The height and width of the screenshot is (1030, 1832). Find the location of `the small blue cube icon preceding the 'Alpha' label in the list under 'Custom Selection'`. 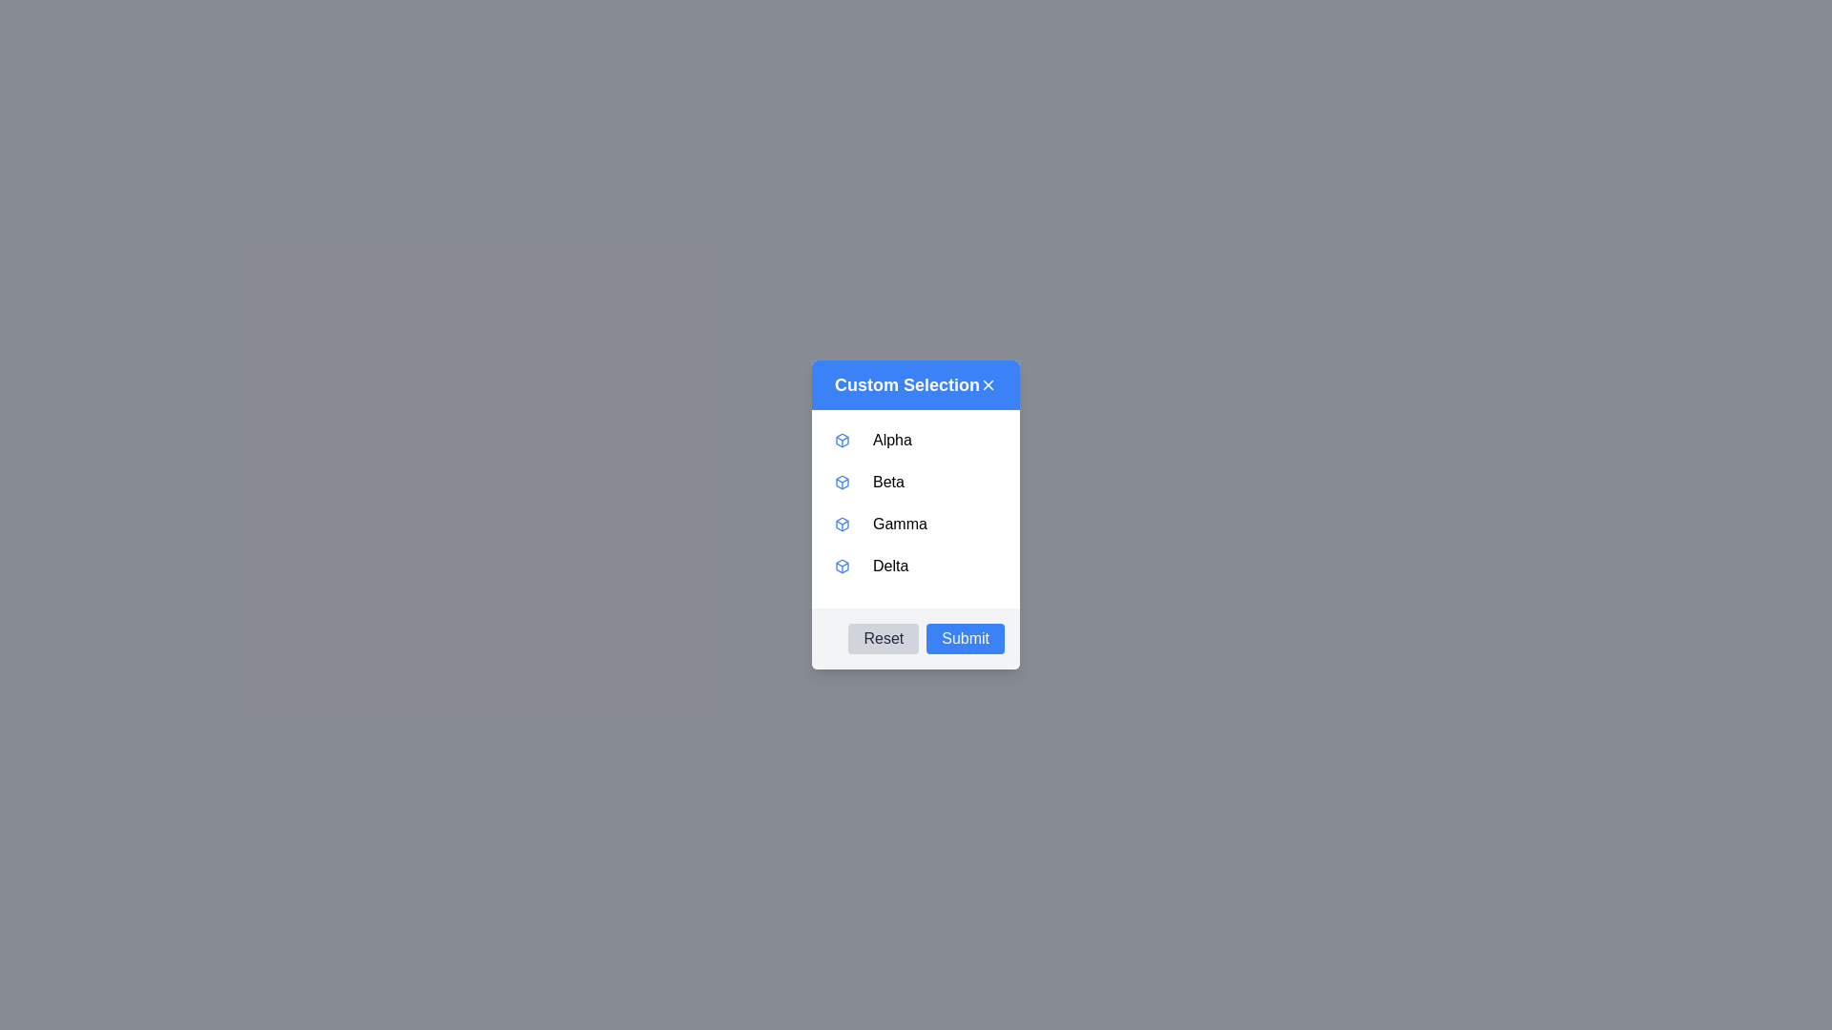

the small blue cube icon preceding the 'Alpha' label in the list under 'Custom Selection' is located at coordinates (842, 441).